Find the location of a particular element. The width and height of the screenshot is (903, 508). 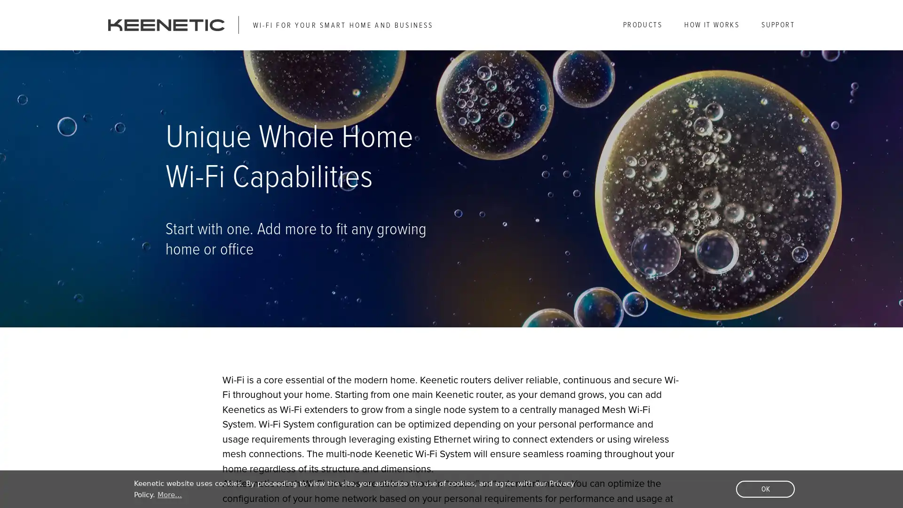

learn more about cookies is located at coordinates (169, 494).